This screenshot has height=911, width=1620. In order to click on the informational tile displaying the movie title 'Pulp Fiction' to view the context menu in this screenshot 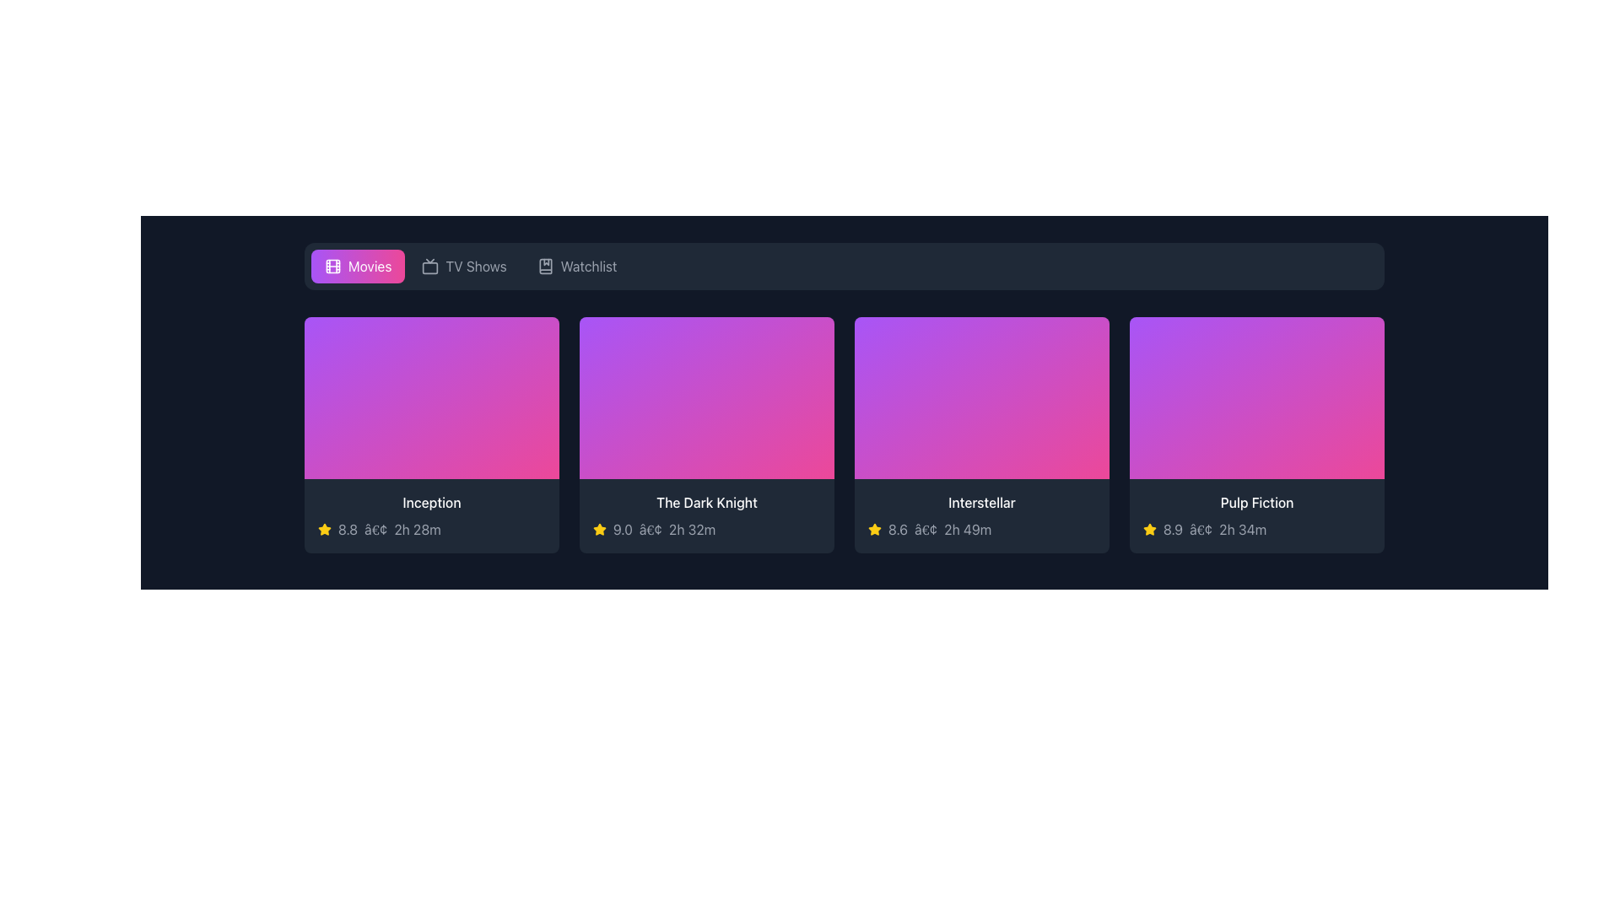, I will do `click(1256, 515)`.